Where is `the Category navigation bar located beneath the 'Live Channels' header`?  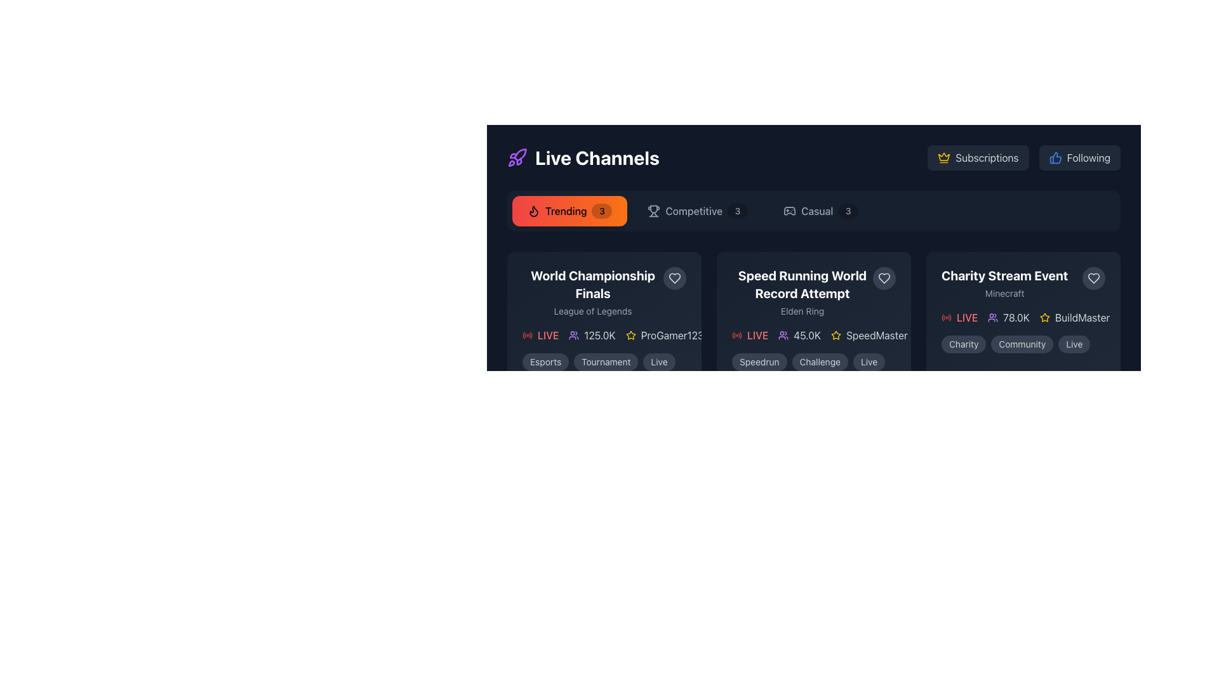 the Category navigation bar located beneath the 'Live Channels' header is located at coordinates (813, 210).